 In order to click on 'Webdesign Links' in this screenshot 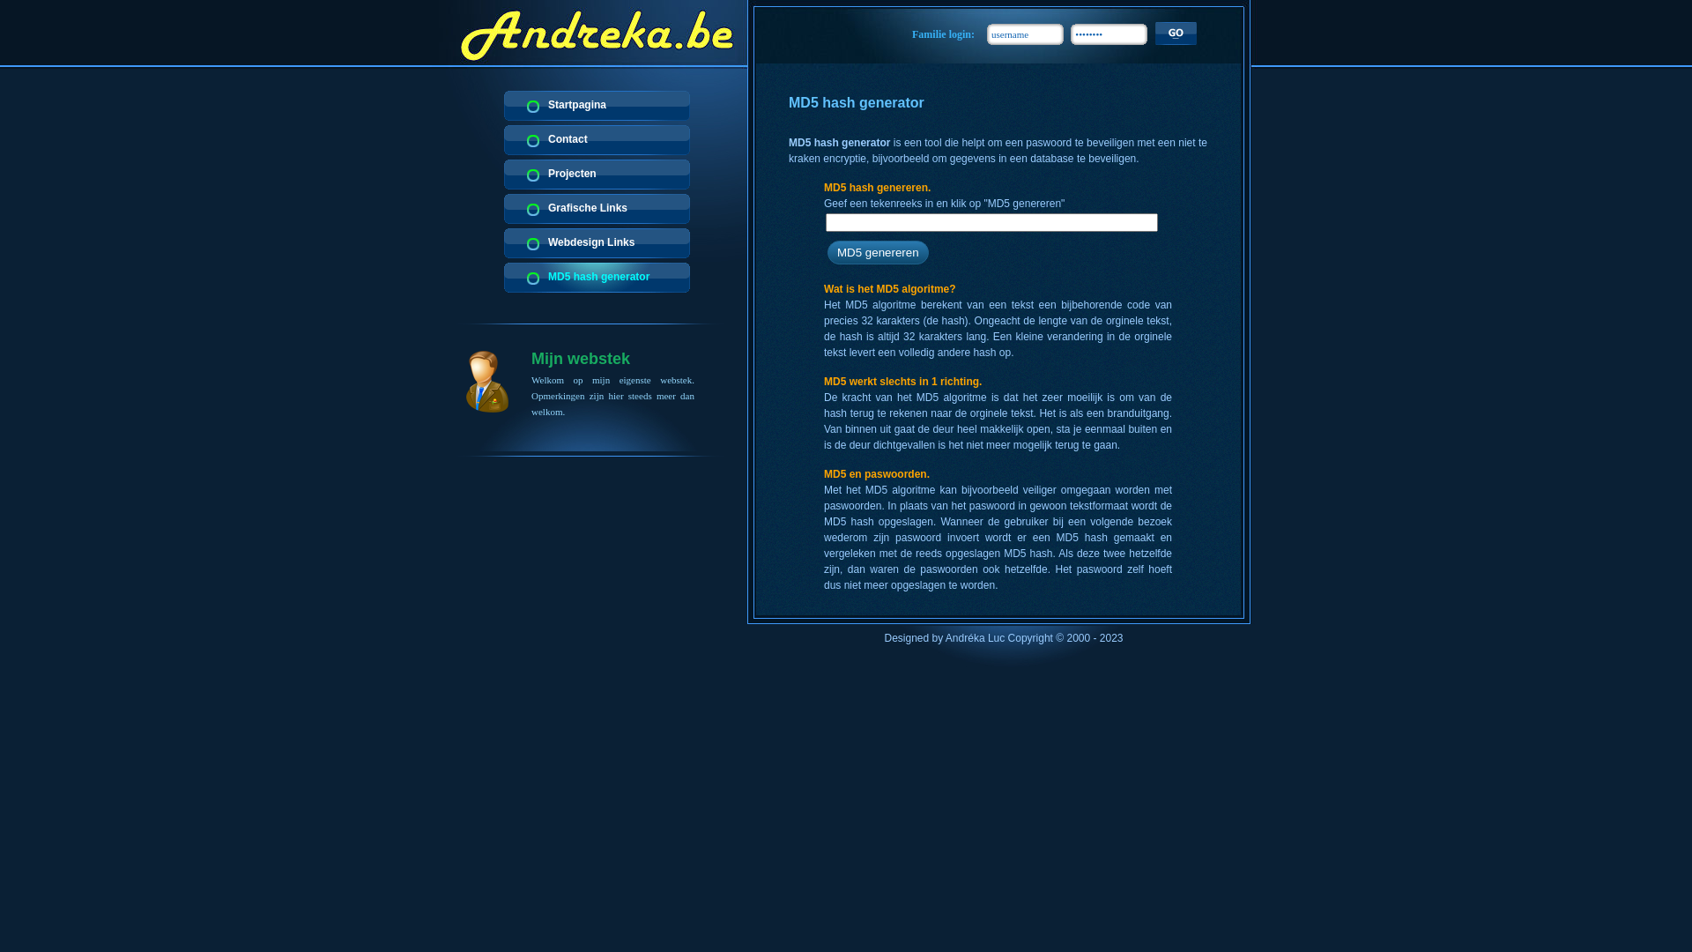, I will do `click(597, 243)`.